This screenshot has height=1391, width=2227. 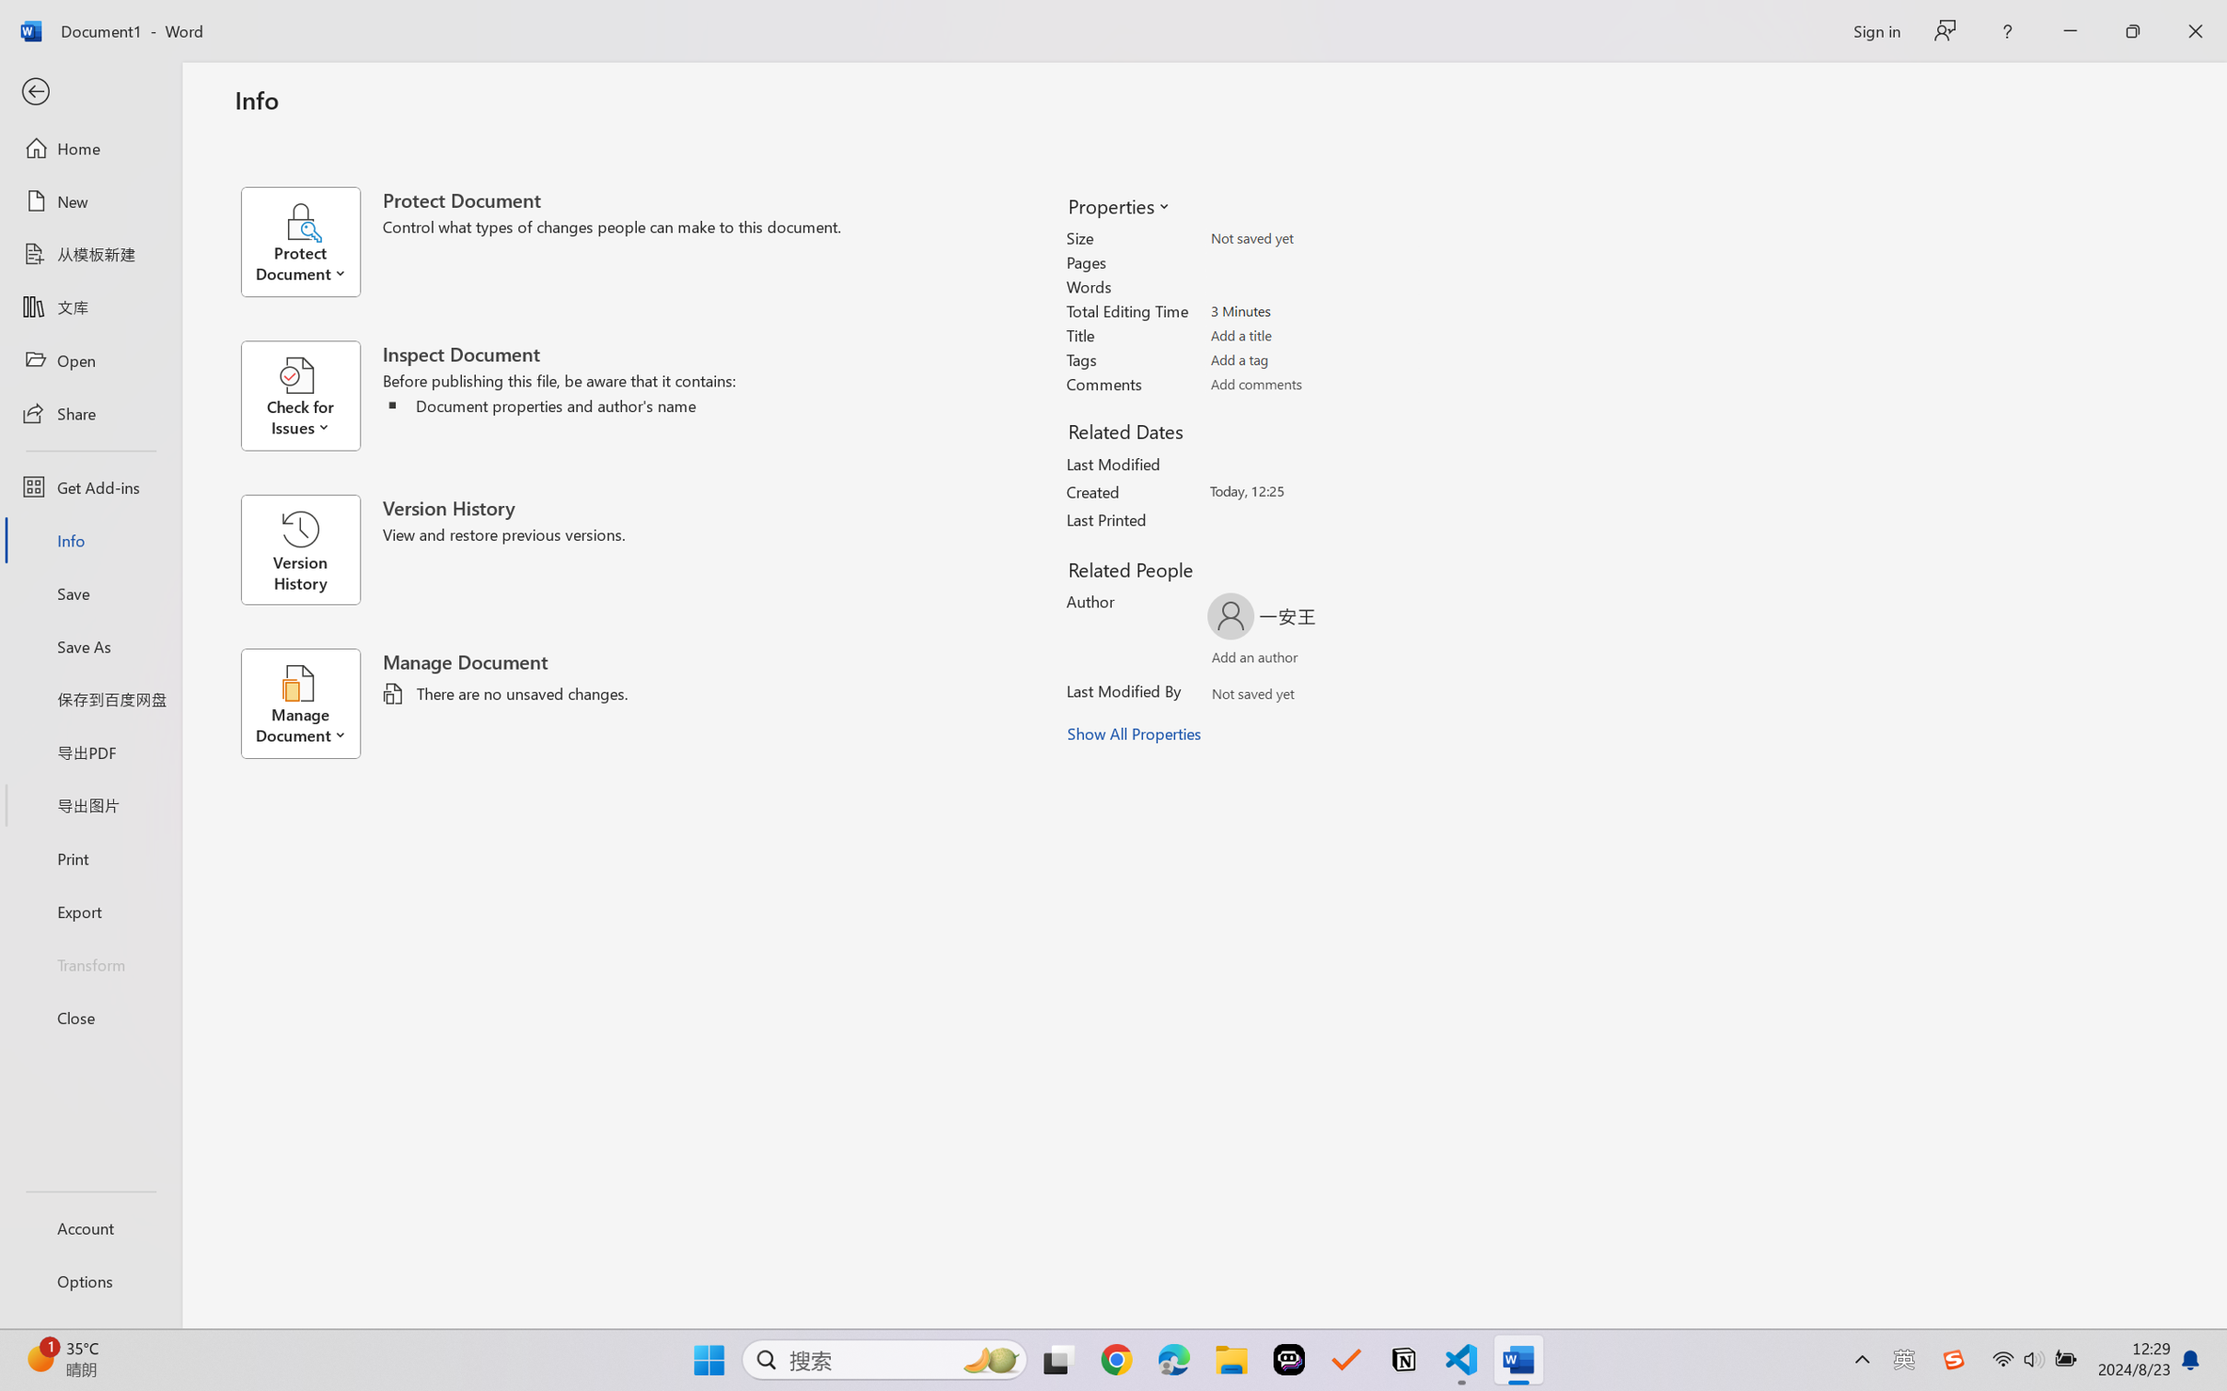 I want to click on 'Tags', so click(x=1312, y=359).